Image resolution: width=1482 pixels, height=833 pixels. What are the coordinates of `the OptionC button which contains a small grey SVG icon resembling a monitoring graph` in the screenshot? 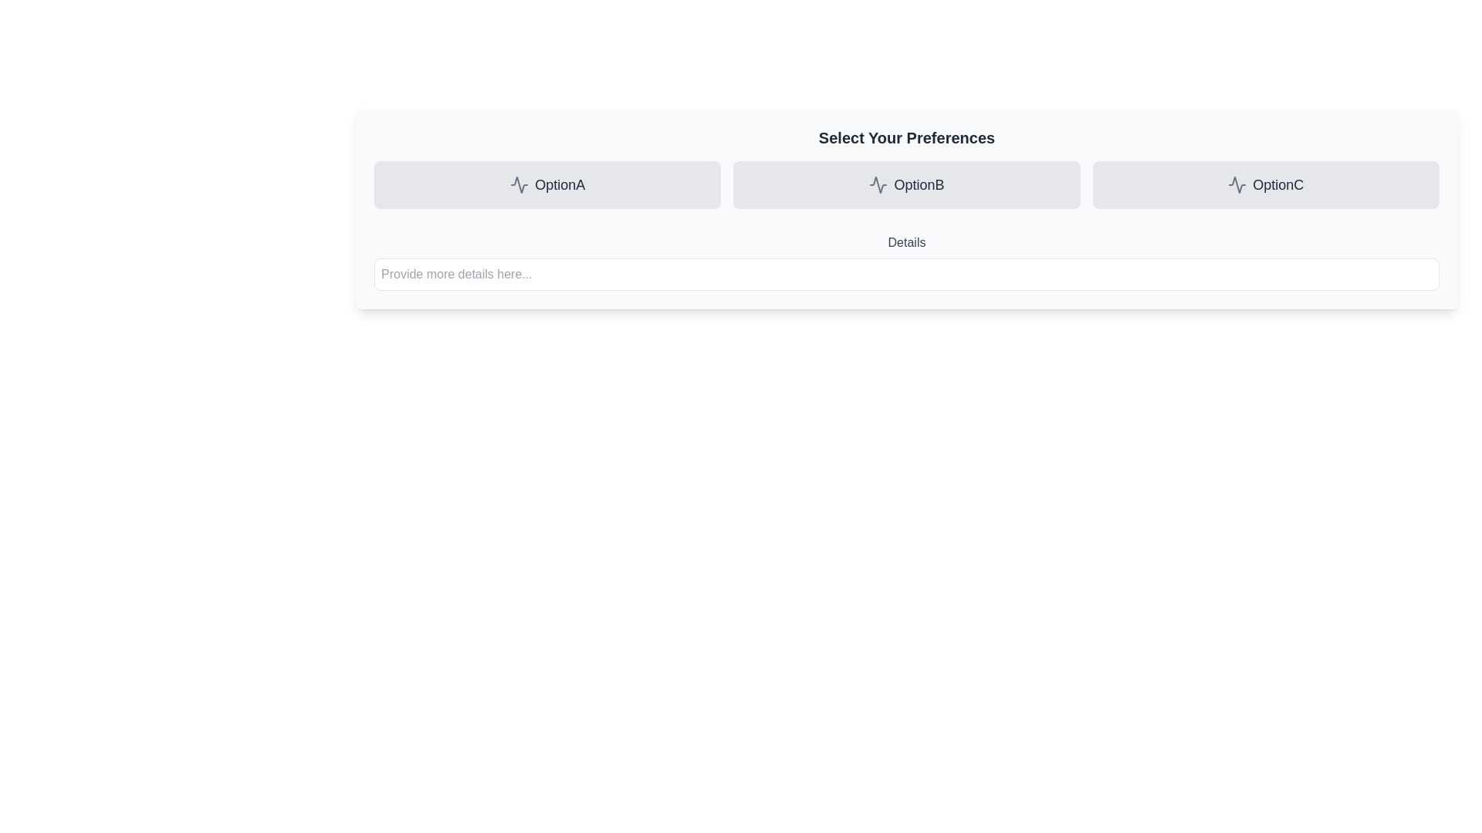 It's located at (1237, 184).